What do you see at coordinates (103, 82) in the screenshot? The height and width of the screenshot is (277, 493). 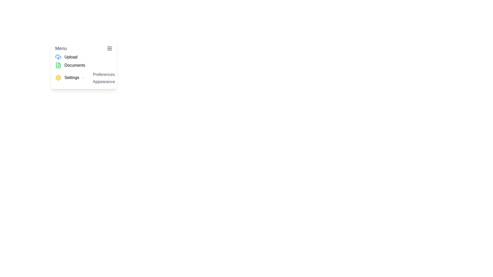 I see `the second item in the drop-down menu directly beneath 'Preferences', which serves as a descriptive menu item or link to 'Appearance' settings` at bounding box center [103, 82].